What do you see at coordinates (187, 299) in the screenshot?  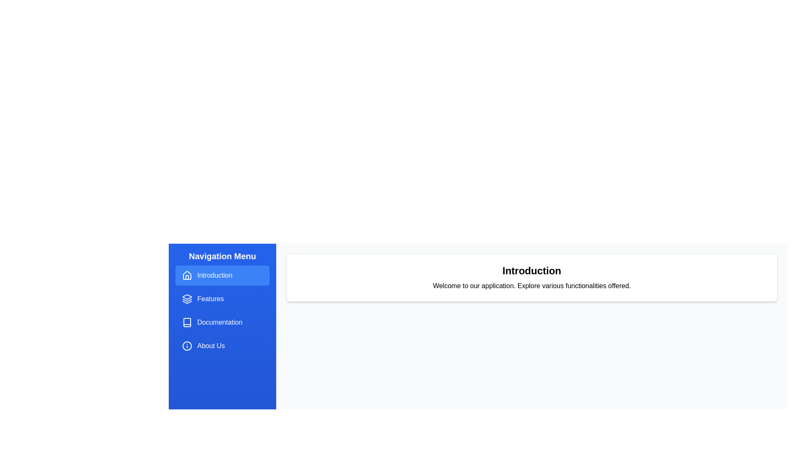 I see `the small icon resembling a stack or layers` at bounding box center [187, 299].